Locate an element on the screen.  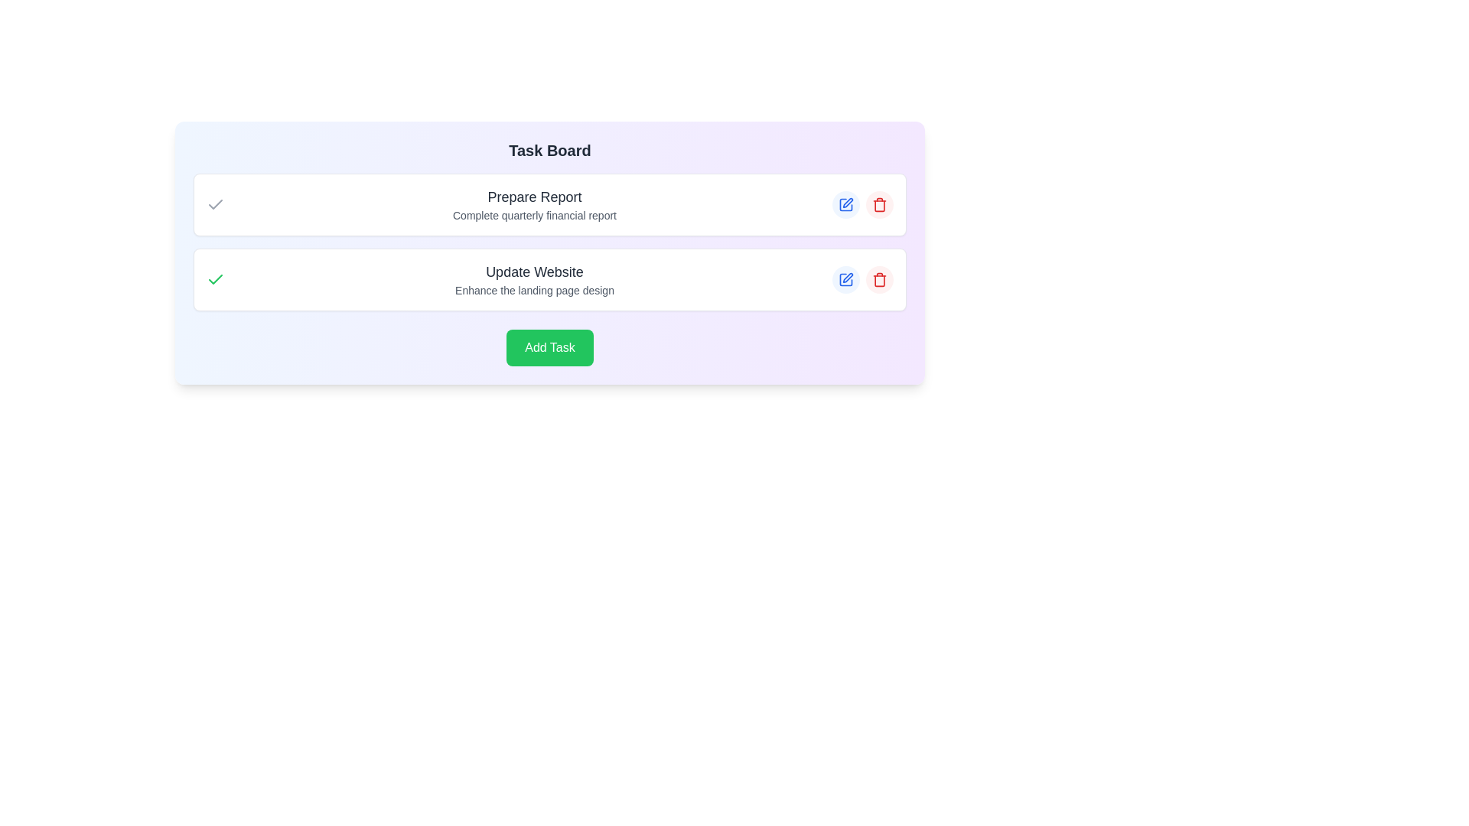
the circular button with a light red background and a red trash bin icon, which is positioned as the second button in a horizontal group of two buttons at the far right of the task row labeled 'Update Website' is located at coordinates (880, 280).